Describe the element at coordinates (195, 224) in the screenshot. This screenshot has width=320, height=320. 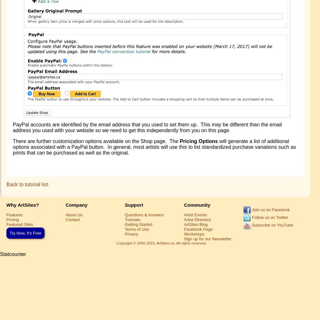
I see `'ArtSites Blog'` at that location.